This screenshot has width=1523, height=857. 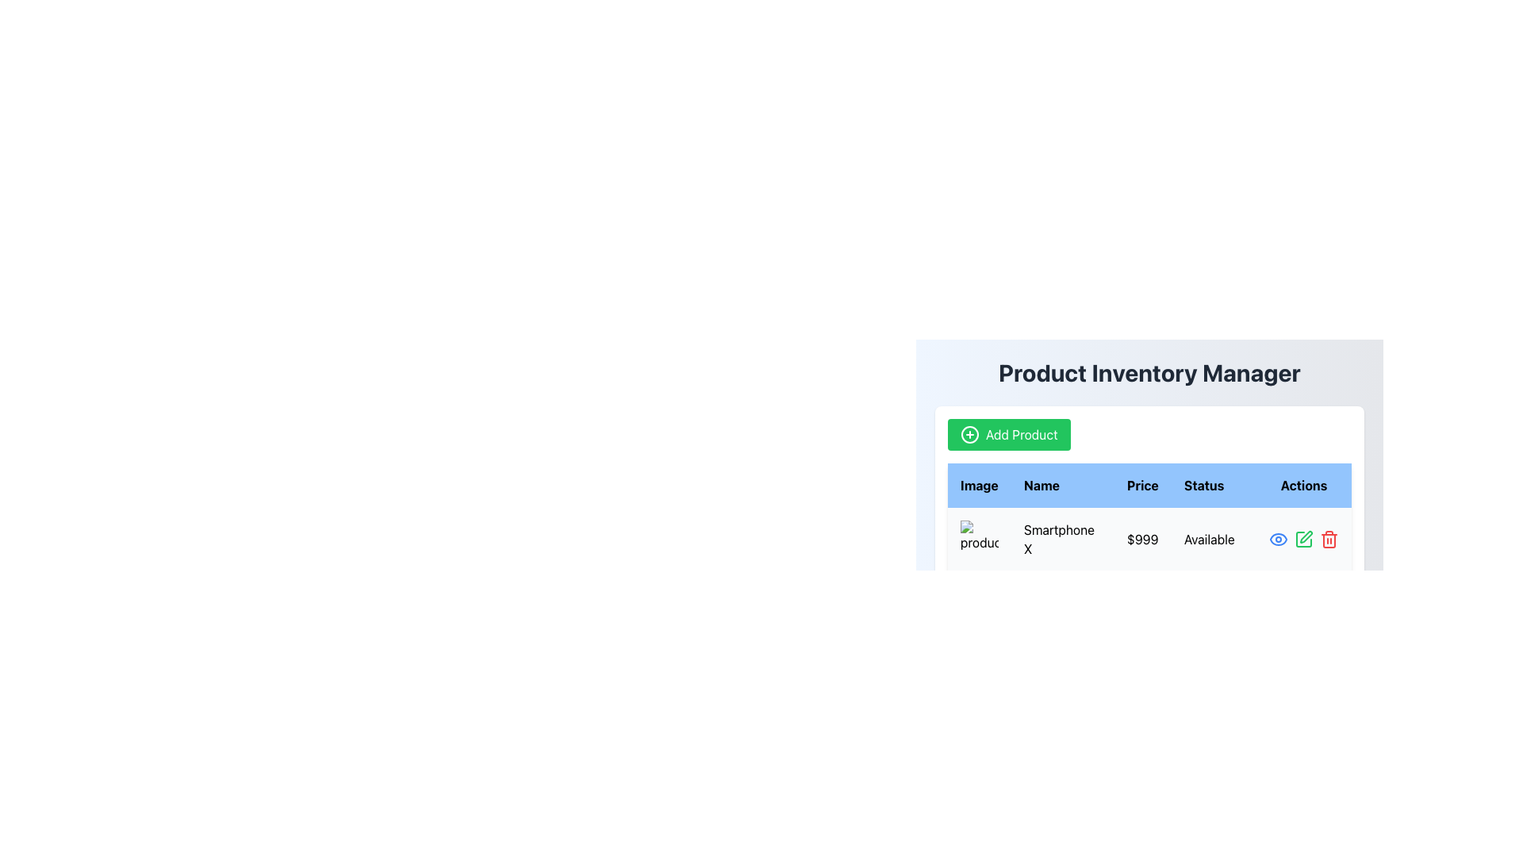 I want to click on the thumbnail image representing 'Smartphone X', so click(x=978, y=538).